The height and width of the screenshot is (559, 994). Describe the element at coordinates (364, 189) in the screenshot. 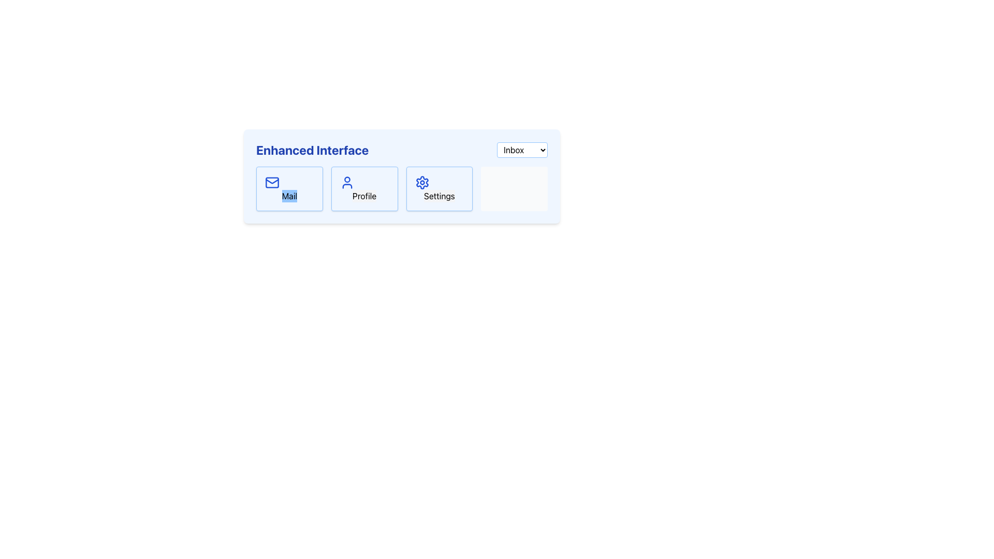

I see `the 'Profile' button, which is the second button in a grid layout and features a blue icon of a person above the text 'Profile'` at that location.